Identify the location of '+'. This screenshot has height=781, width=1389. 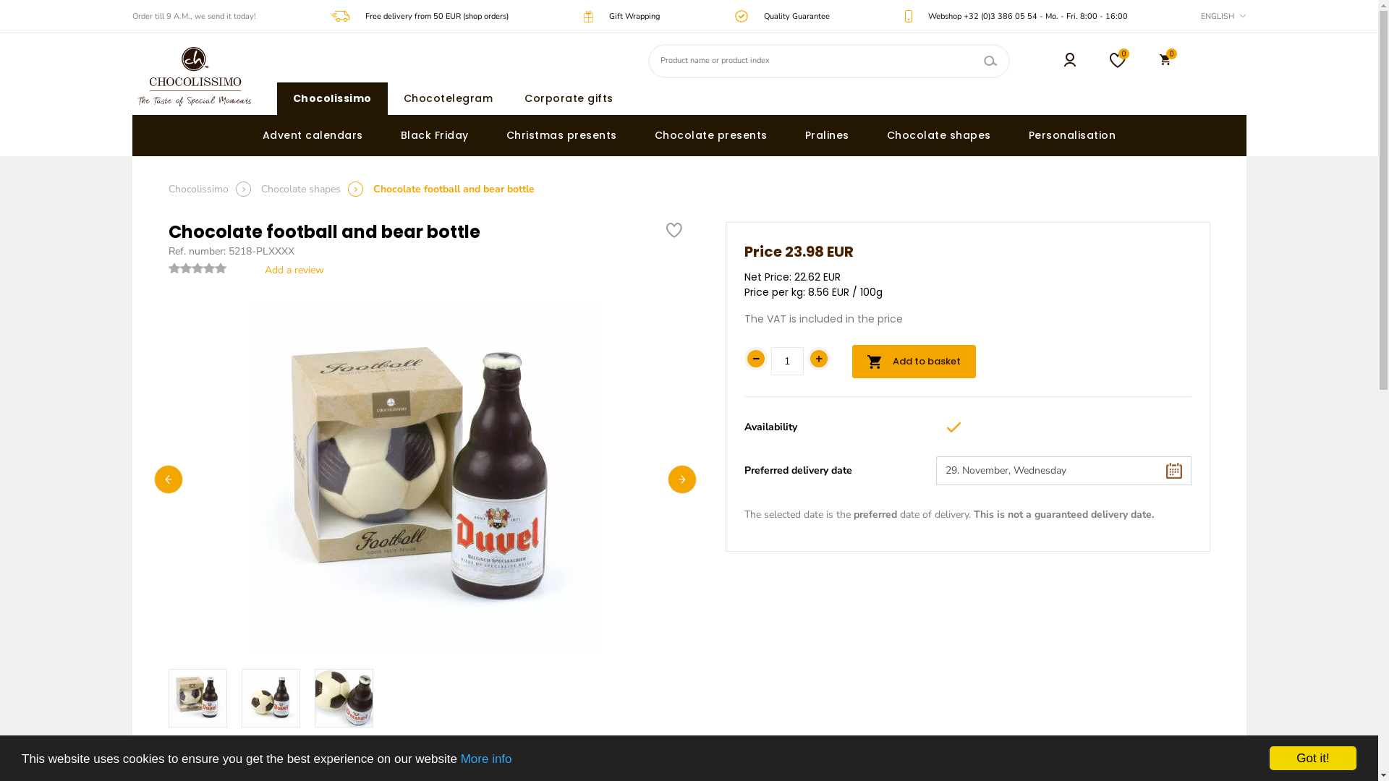
(819, 358).